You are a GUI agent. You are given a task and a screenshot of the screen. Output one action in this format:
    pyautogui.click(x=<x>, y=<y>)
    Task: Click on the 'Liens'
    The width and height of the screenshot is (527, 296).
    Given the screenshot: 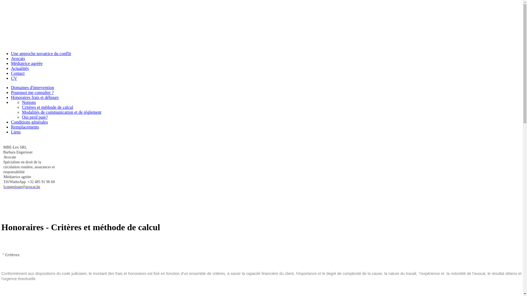 What is the action you would take?
    pyautogui.click(x=11, y=132)
    